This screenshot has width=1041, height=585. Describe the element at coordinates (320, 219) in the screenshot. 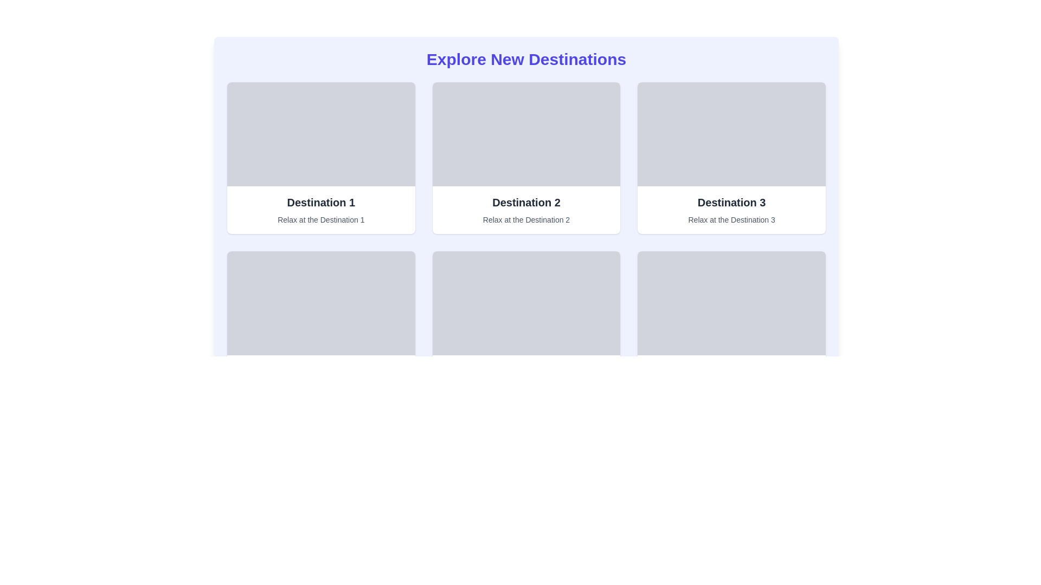

I see `the text label that reads 'Relax at the Destination 1', which is styled in a small font size and gray color, positioned below the main heading 'Destination 1' within the first card of a grid layout` at that location.